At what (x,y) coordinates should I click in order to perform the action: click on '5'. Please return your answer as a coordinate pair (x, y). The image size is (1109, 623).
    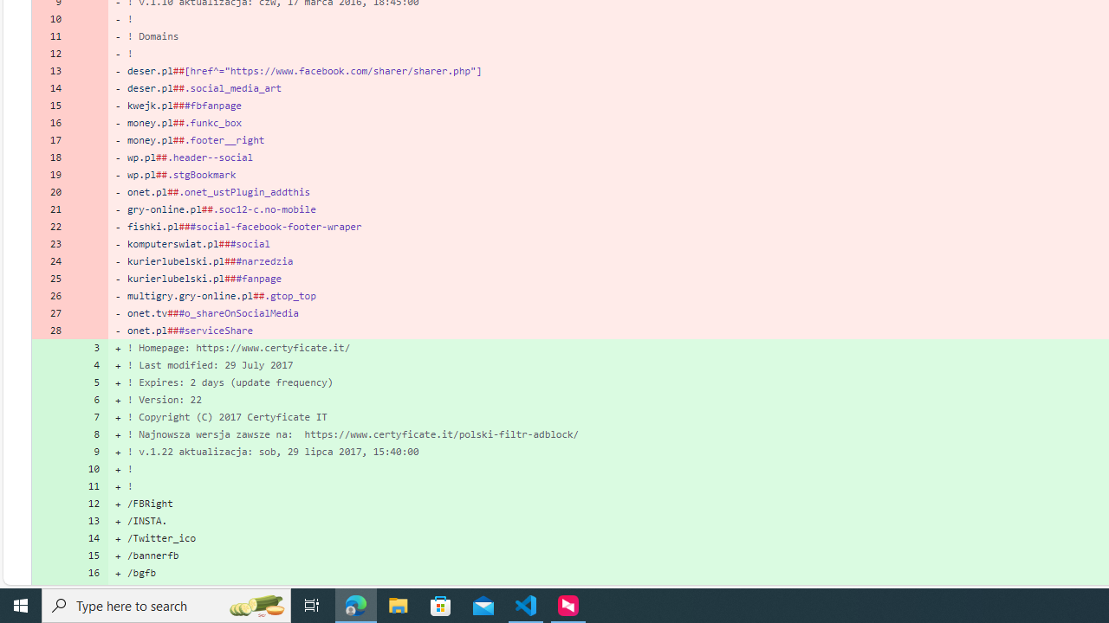
    Looking at the image, I should click on (88, 382).